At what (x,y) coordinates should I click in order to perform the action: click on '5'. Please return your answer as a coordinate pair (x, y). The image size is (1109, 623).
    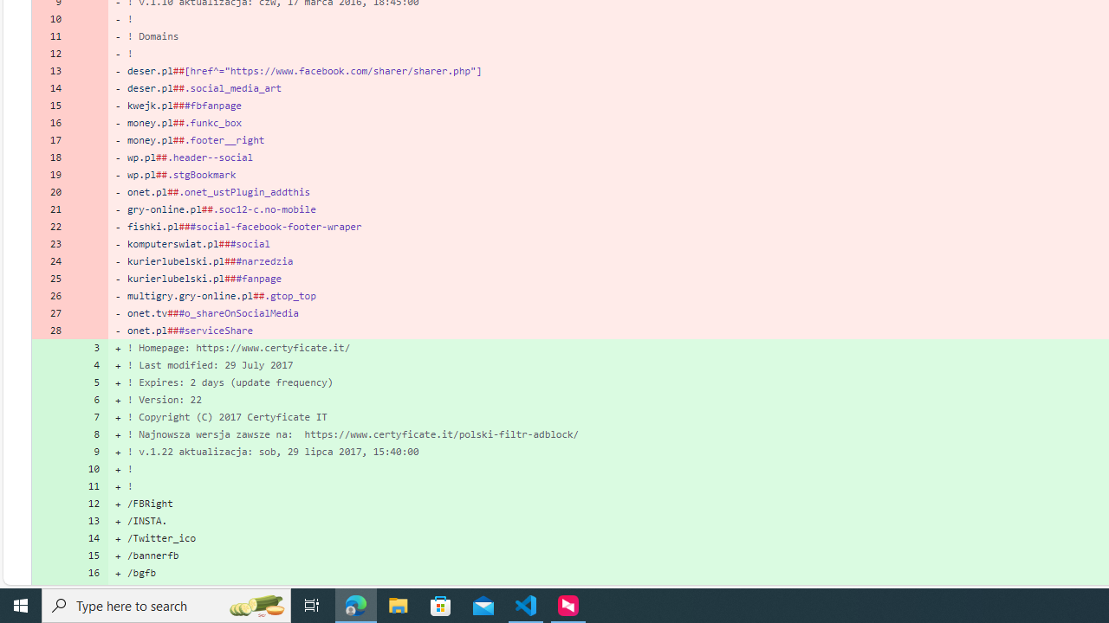
    Looking at the image, I should click on (88, 382).